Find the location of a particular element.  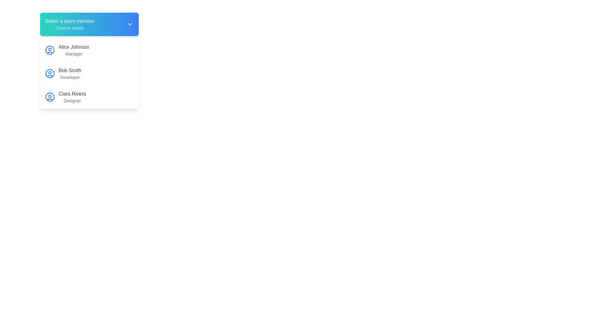

text label displaying 'Manager' that is positioned directly below the name 'Alice Johnson' in the dropdown list is located at coordinates (74, 53).